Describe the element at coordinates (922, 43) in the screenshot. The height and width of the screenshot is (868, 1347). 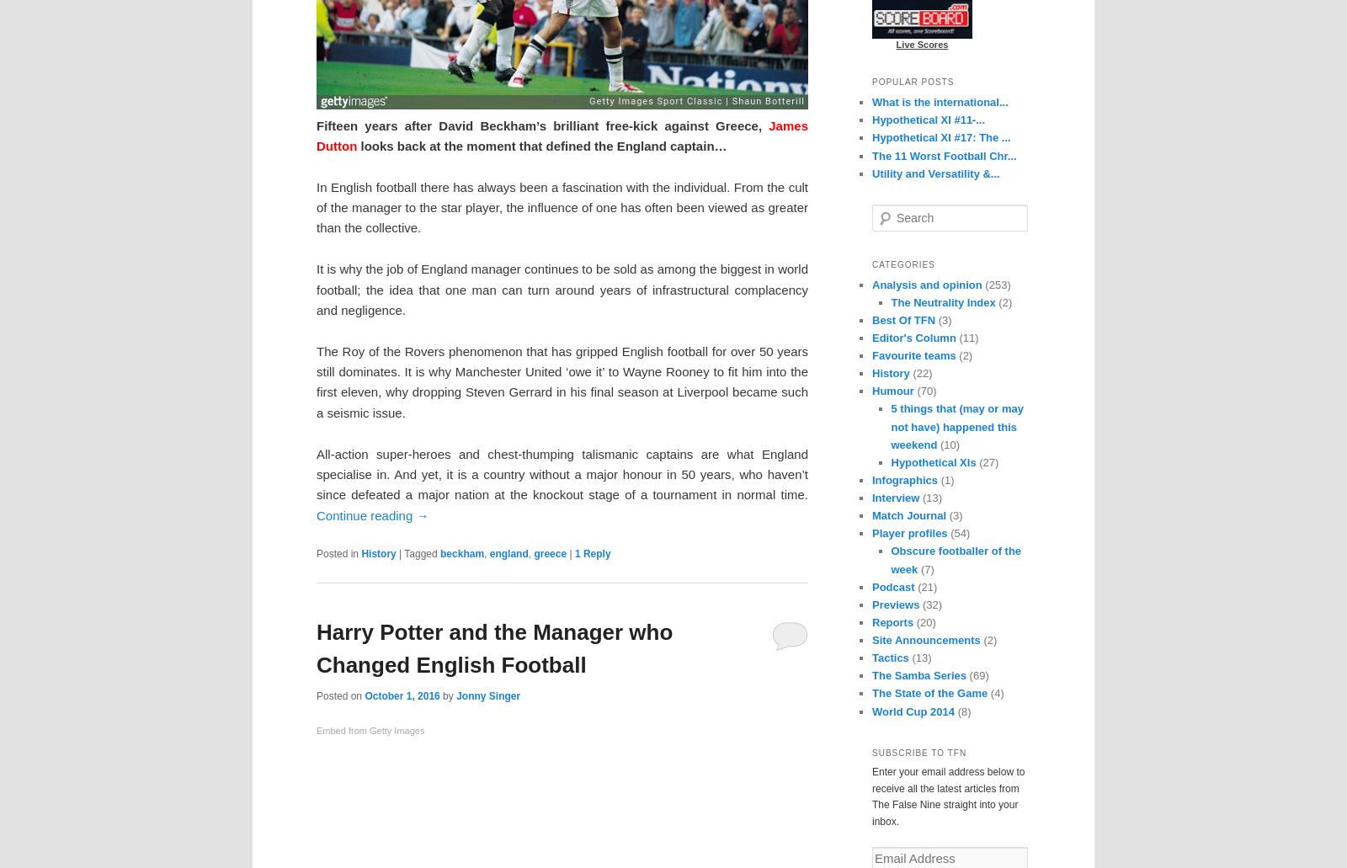
I see `'Live Scores'` at that location.